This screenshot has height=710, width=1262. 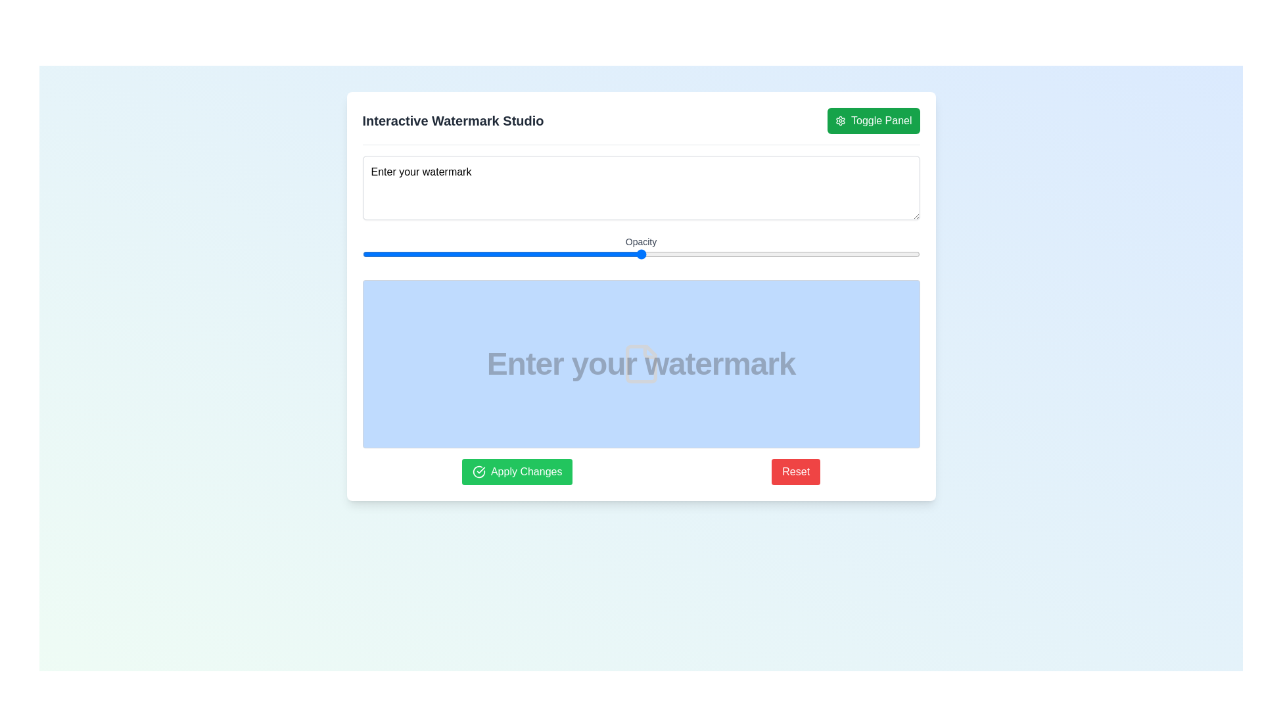 I want to click on the circular icon with a green outline and checkmark inside, which indicates a completion state, located to the left of the 'Apply Changes' text within a green rectangular button, so click(x=478, y=471).